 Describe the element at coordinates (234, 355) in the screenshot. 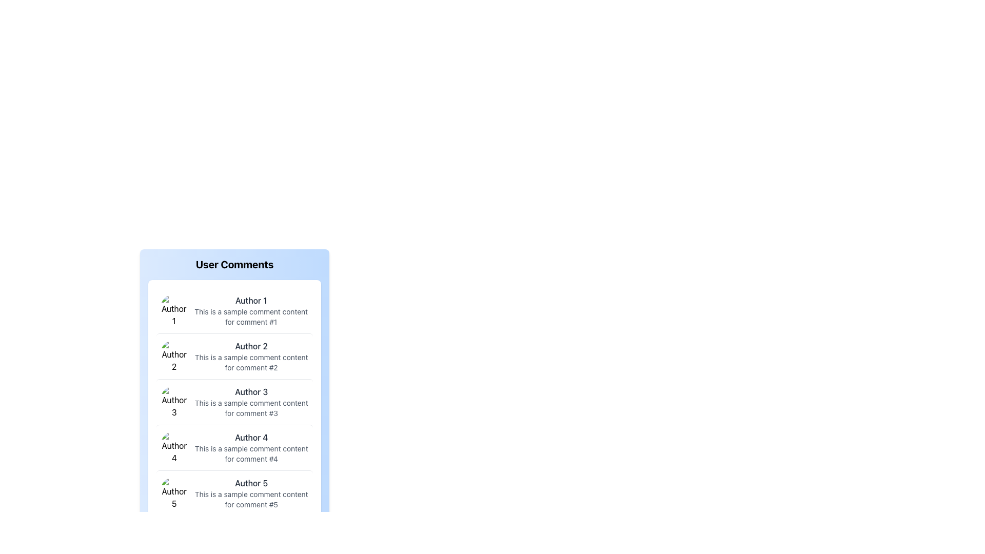

I see `on the author name 'Author 2' in the second list item of comments` at that location.